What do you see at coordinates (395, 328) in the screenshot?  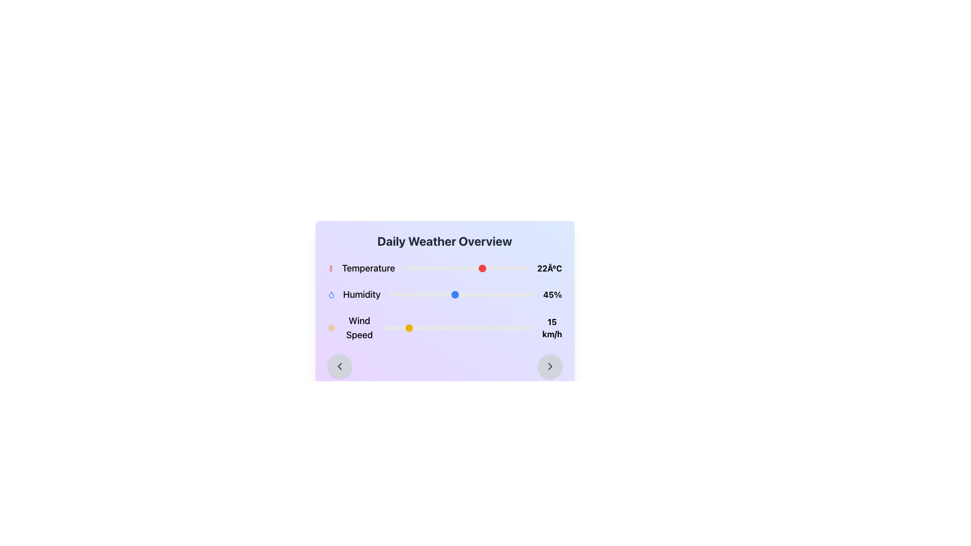 I see `the wind speed` at bounding box center [395, 328].